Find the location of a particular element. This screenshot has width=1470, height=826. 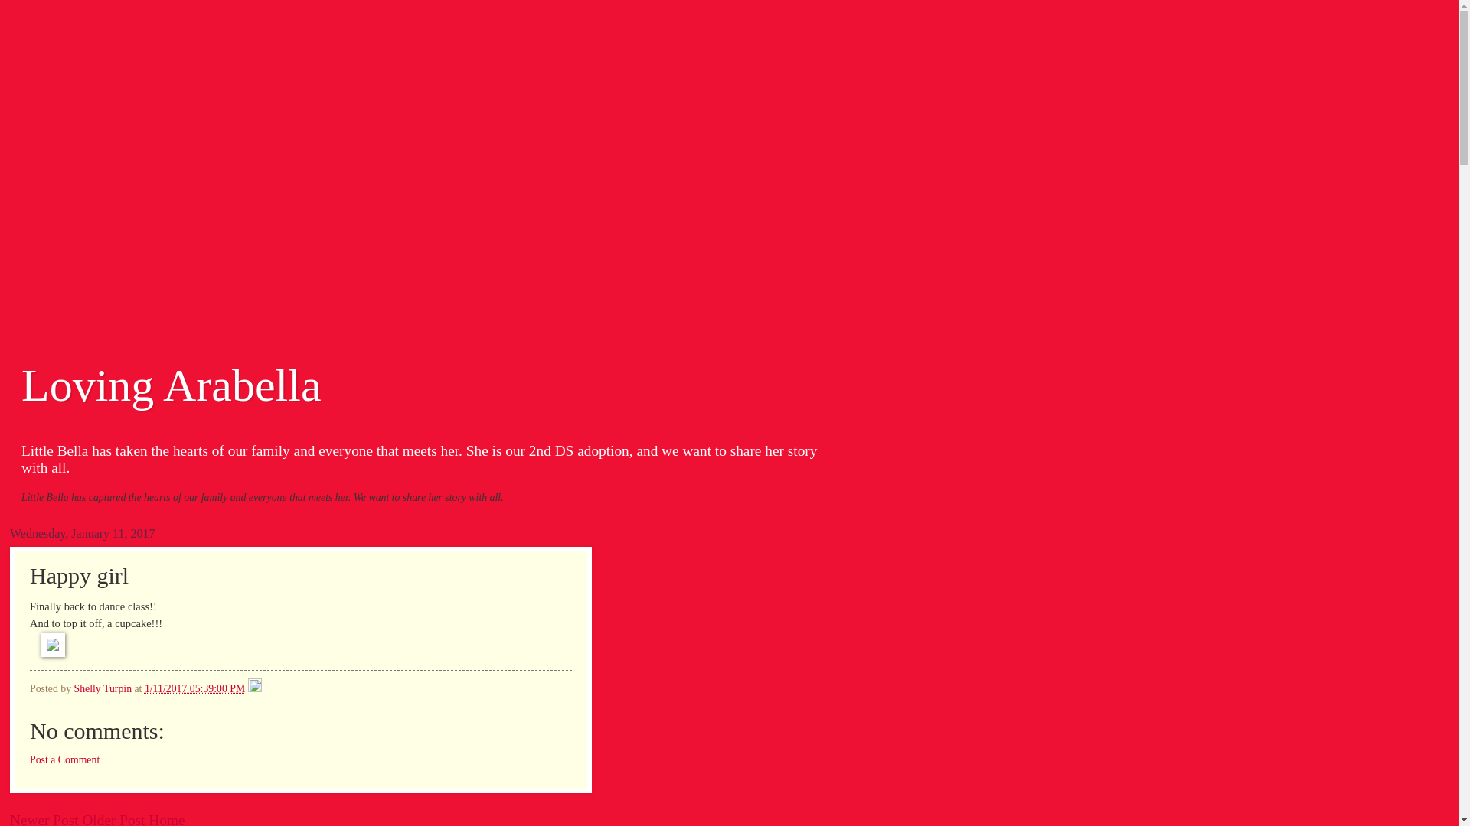

'1/11/2017 05:39:00 PM' is located at coordinates (144, 688).